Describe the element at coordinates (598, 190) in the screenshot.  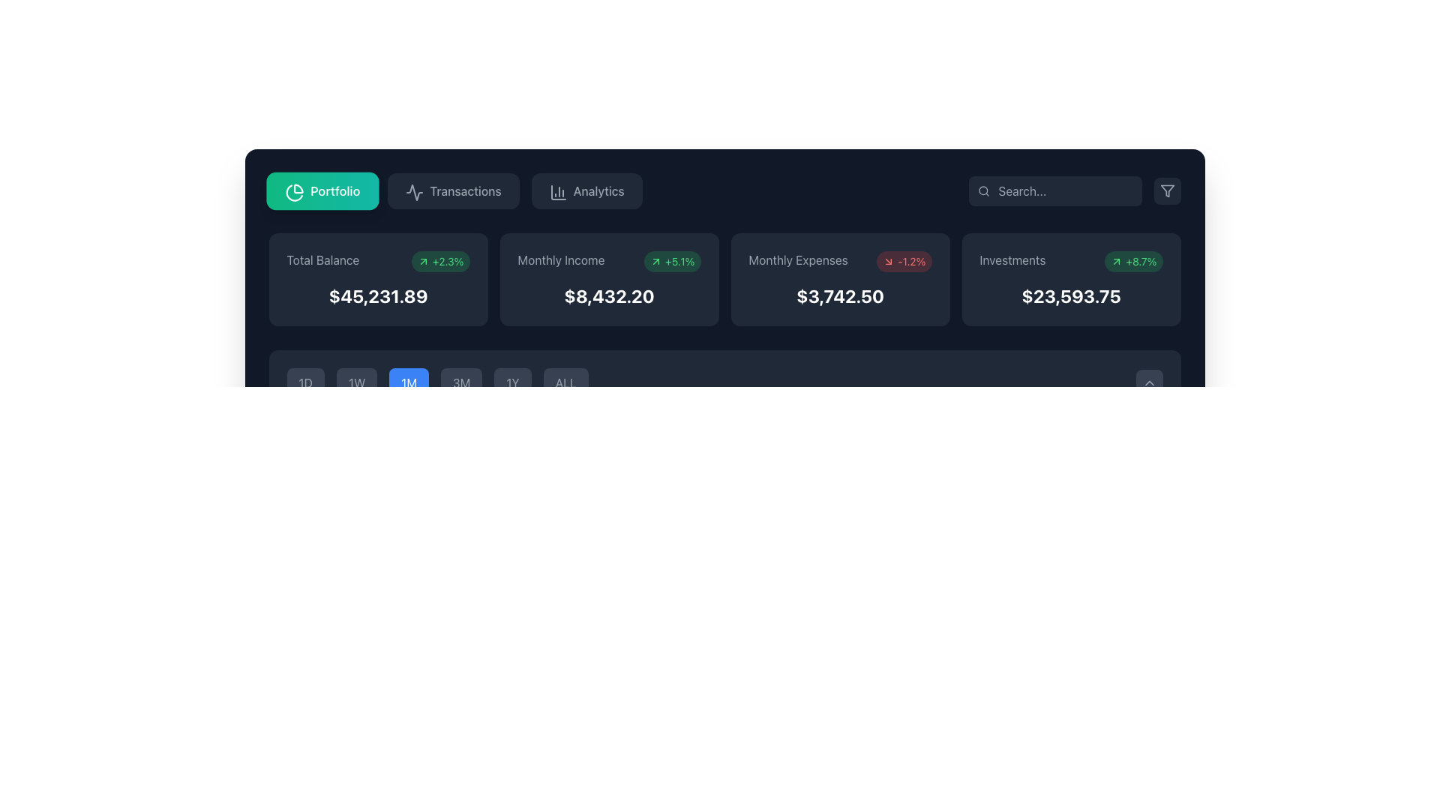
I see `the 'Analytics' text label within the navigation button, which is styled with a medium font weight and is part of a dark gray rounded button` at that location.